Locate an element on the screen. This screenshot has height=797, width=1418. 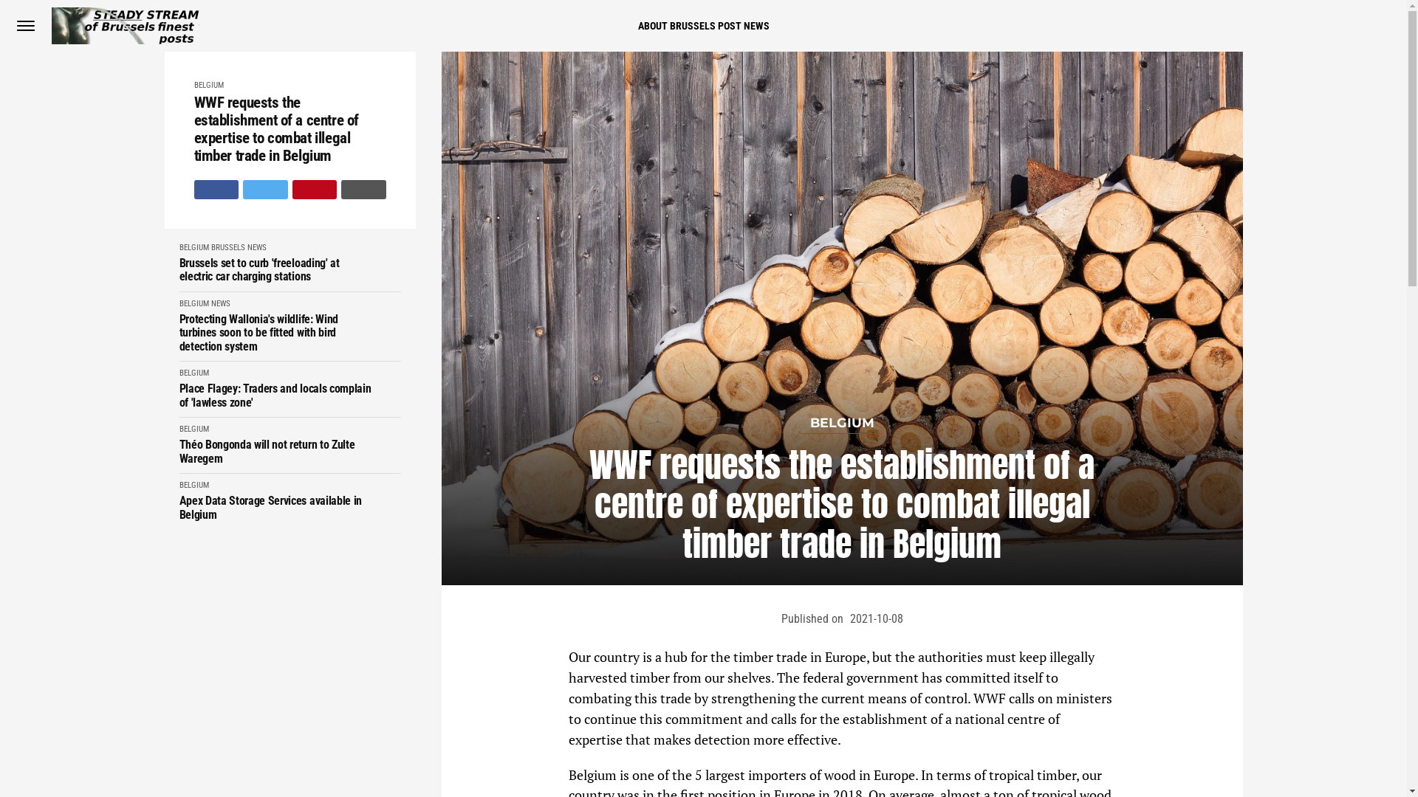
'Pin This Post' is located at coordinates (314, 189).